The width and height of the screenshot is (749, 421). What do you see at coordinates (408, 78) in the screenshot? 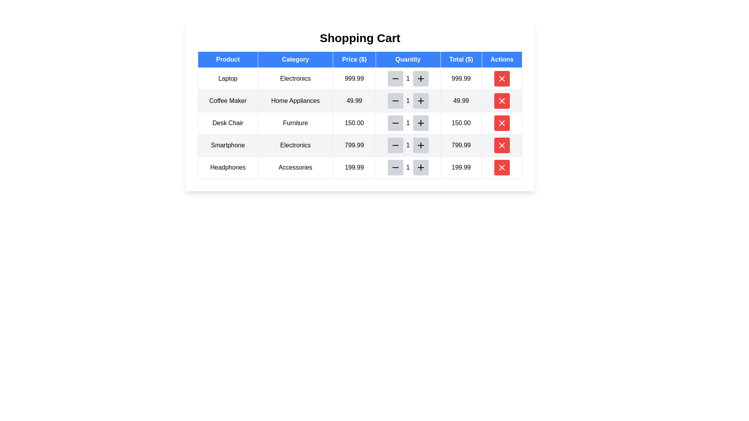
I see `the text display element showing the current quantity of the product 'Laptop' in the shopping cart to read its value` at bounding box center [408, 78].